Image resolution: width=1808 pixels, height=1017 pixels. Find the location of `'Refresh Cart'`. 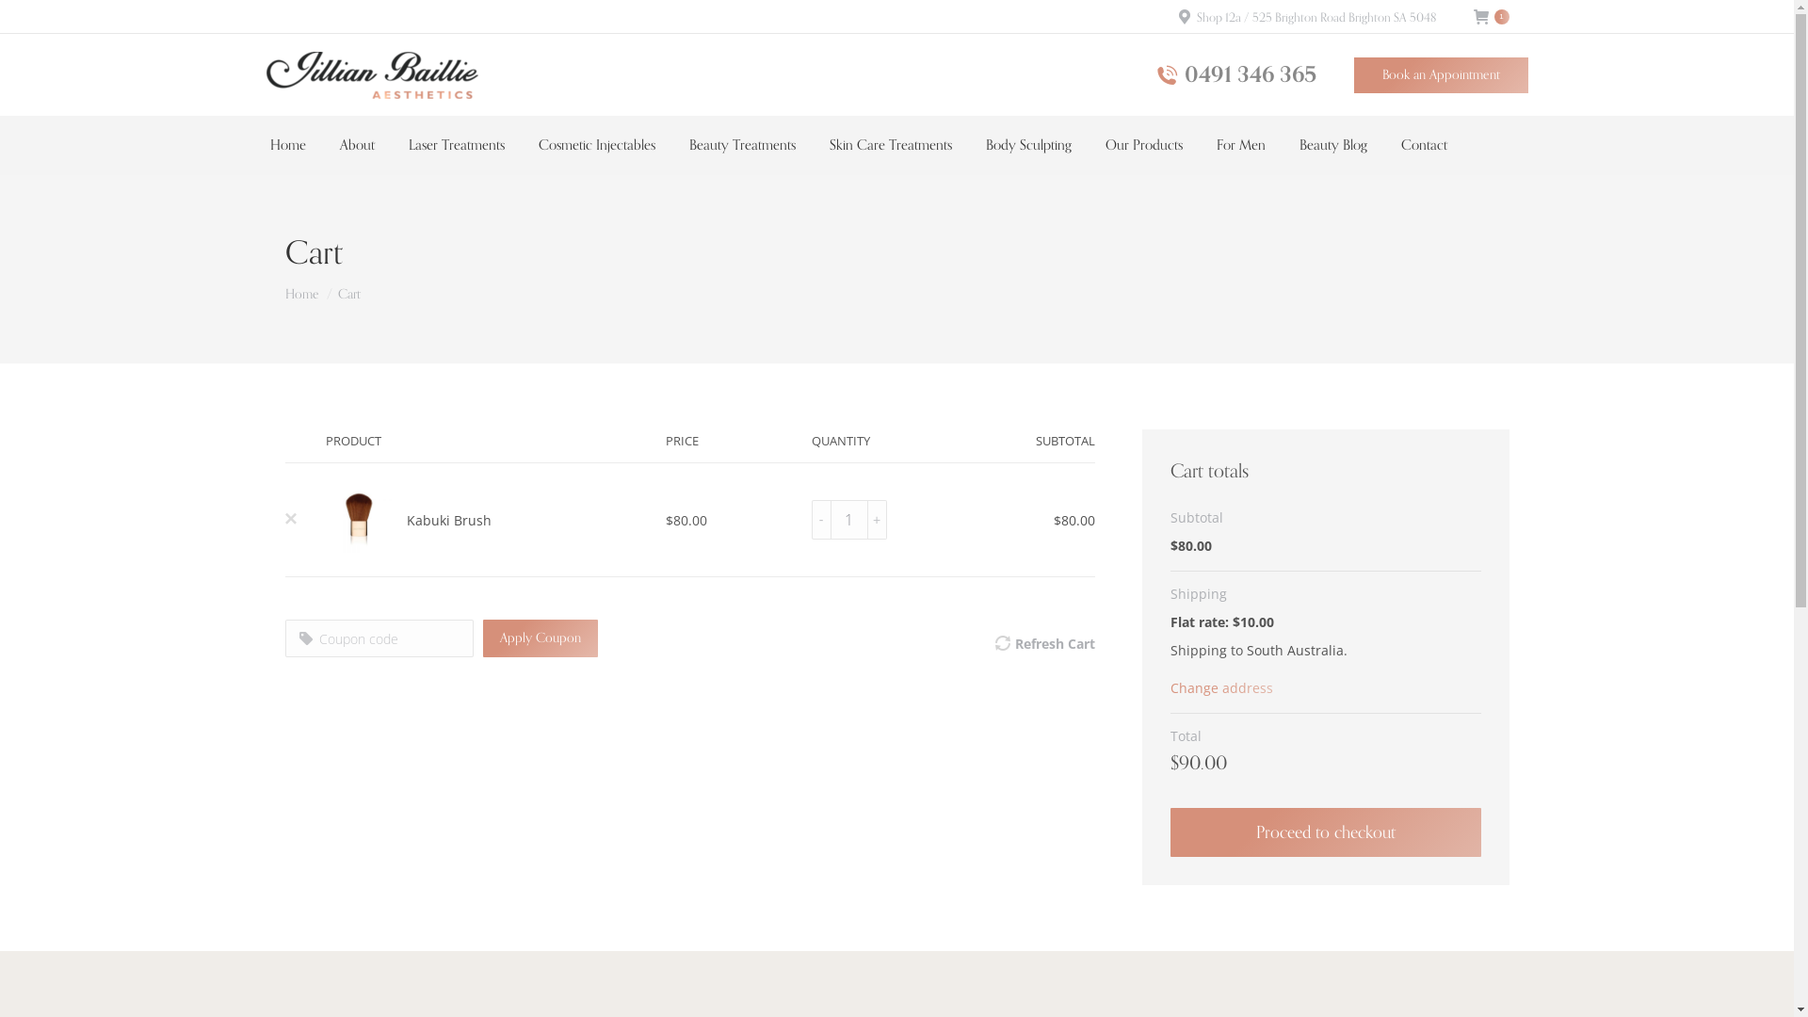

'Refresh Cart' is located at coordinates (1055, 642).